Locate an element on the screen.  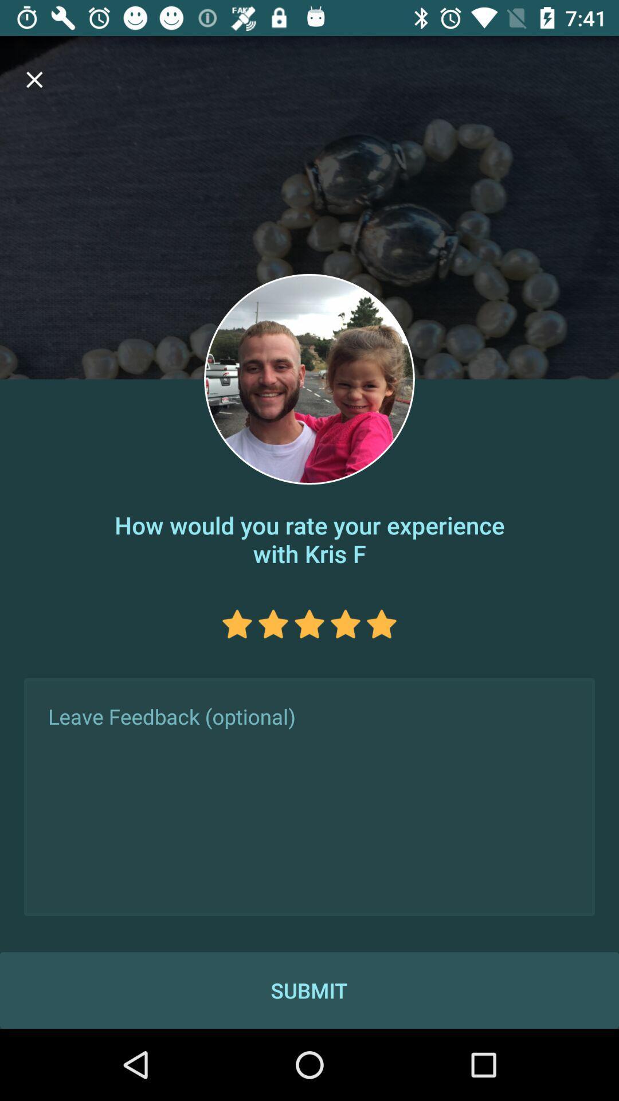
leave feedback field is located at coordinates (309, 797).